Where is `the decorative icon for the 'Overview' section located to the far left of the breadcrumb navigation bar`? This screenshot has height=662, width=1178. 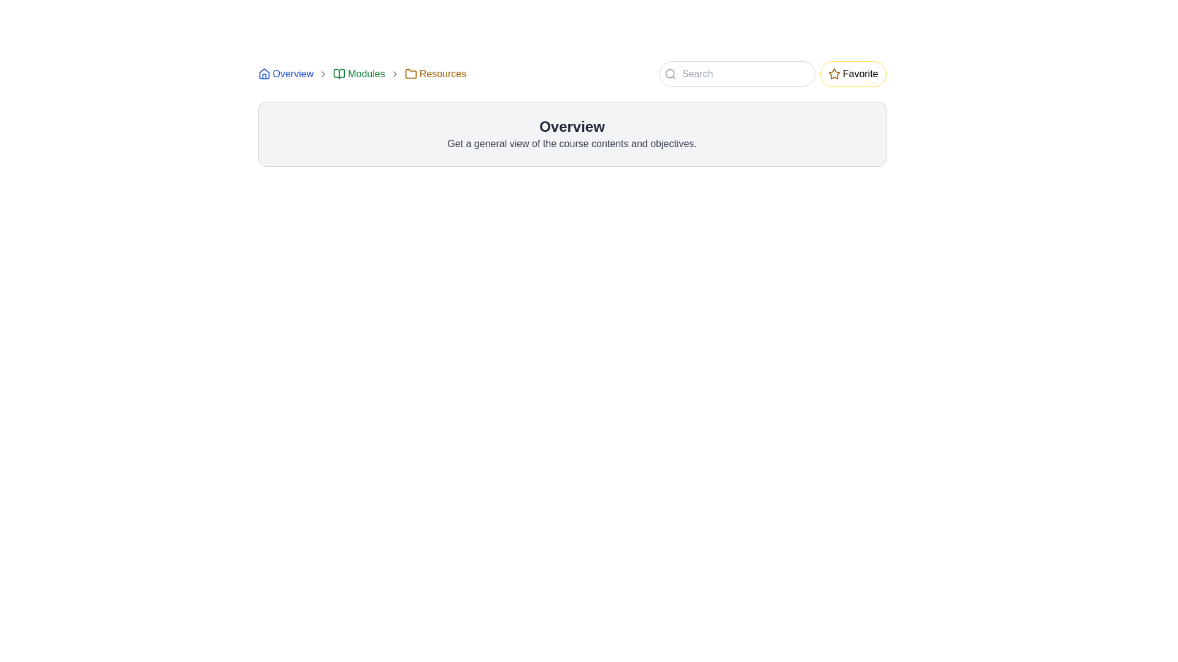 the decorative icon for the 'Overview' section located to the far left of the breadcrumb navigation bar is located at coordinates (263, 74).